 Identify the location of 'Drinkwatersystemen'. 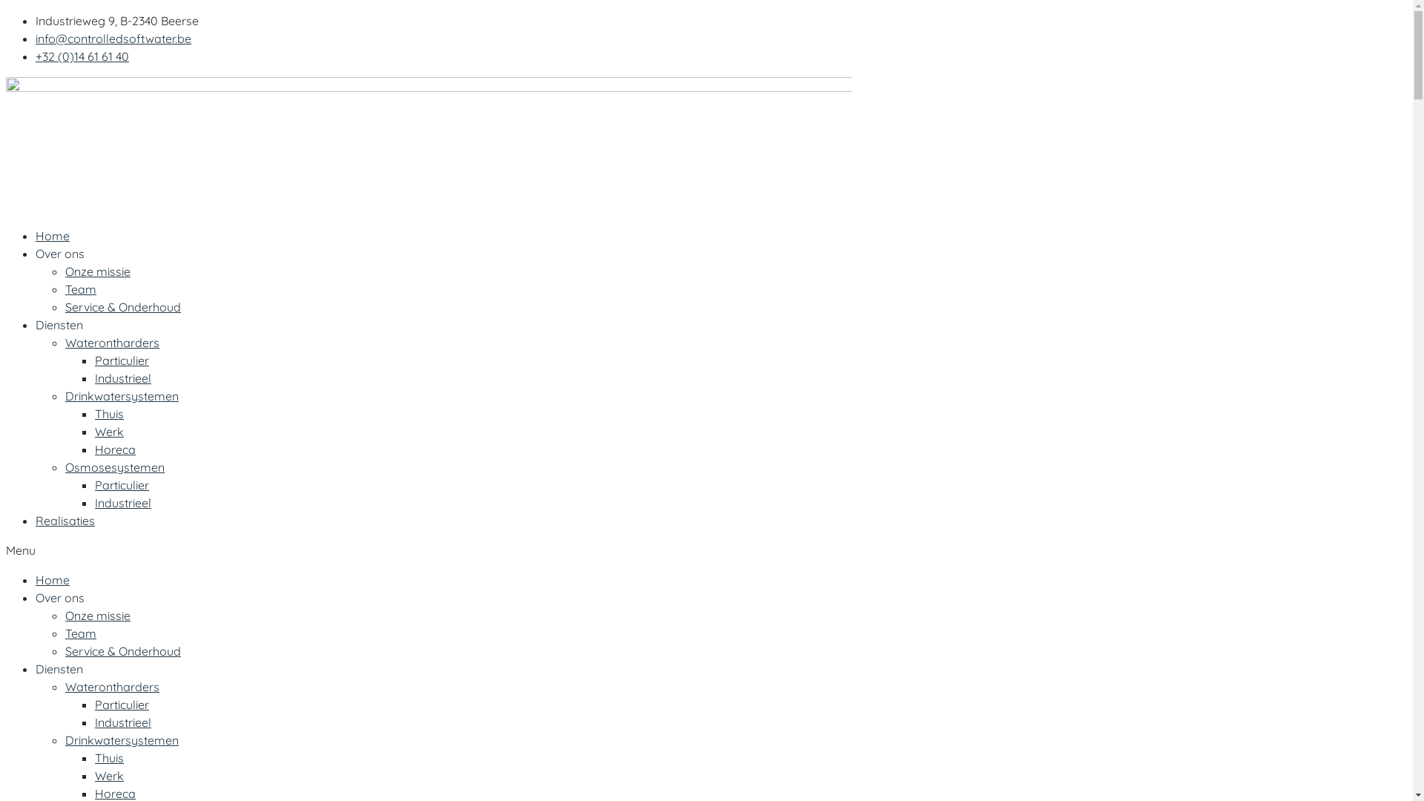
(122, 740).